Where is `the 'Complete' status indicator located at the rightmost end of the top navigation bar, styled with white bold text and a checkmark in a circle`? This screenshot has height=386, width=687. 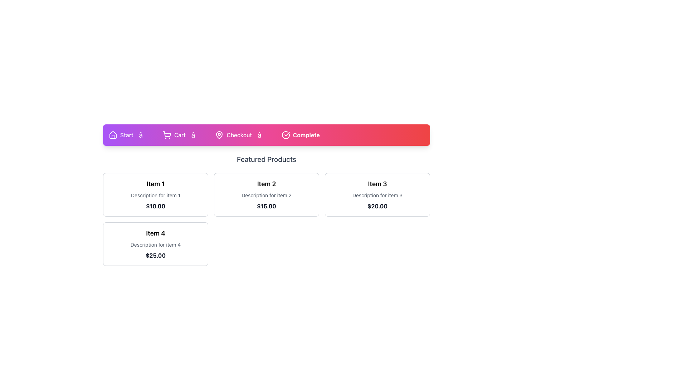 the 'Complete' status indicator located at the rightmost end of the top navigation bar, styled with white bold text and a checkmark in a circle is located at coordinates (301, 135).